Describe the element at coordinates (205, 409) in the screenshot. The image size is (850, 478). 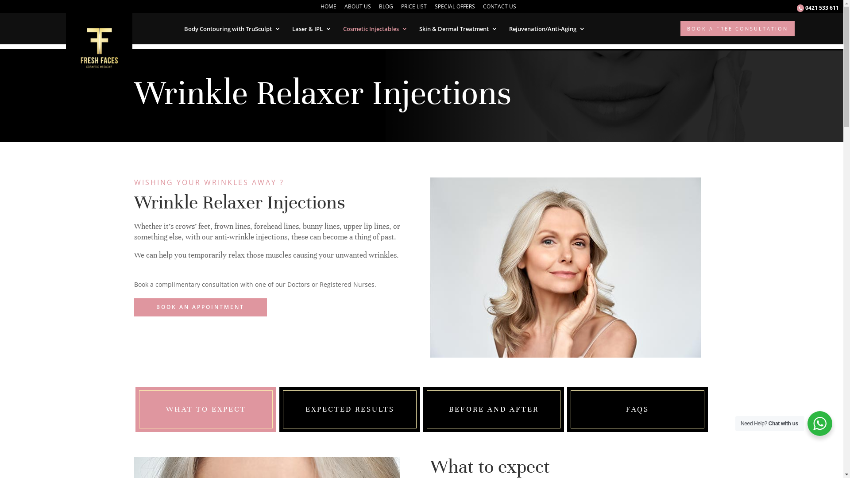
I see `'WHAT TO EXPECT'` at that location.